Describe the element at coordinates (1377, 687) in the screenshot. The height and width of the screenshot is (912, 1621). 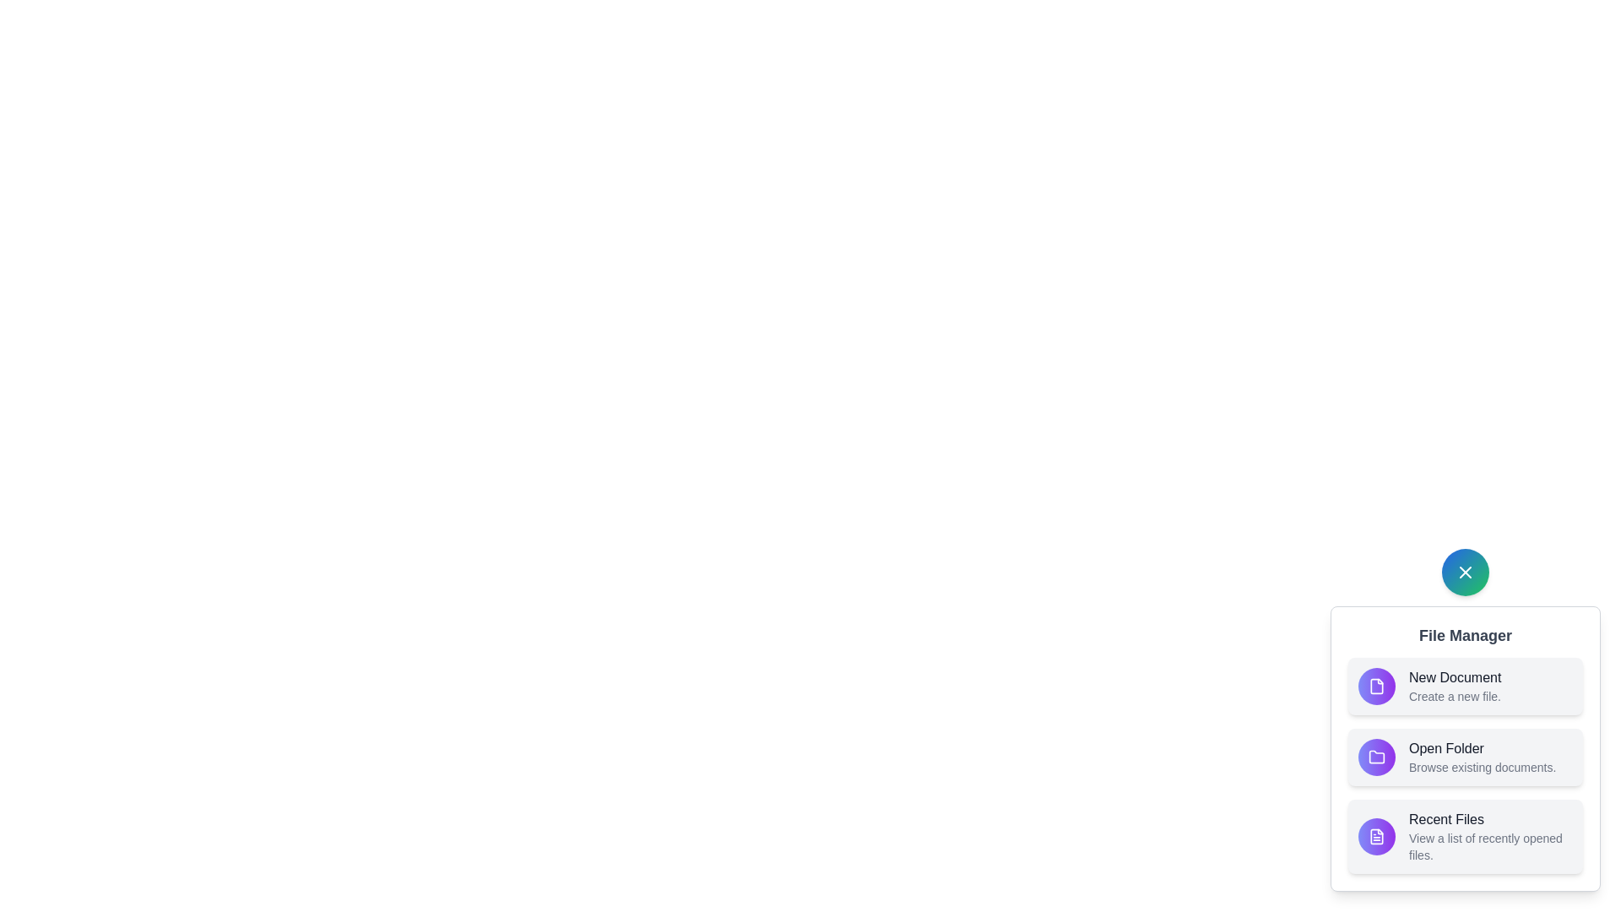
I see `the 'New Document' option to initiate the creation of a new file` at that location.